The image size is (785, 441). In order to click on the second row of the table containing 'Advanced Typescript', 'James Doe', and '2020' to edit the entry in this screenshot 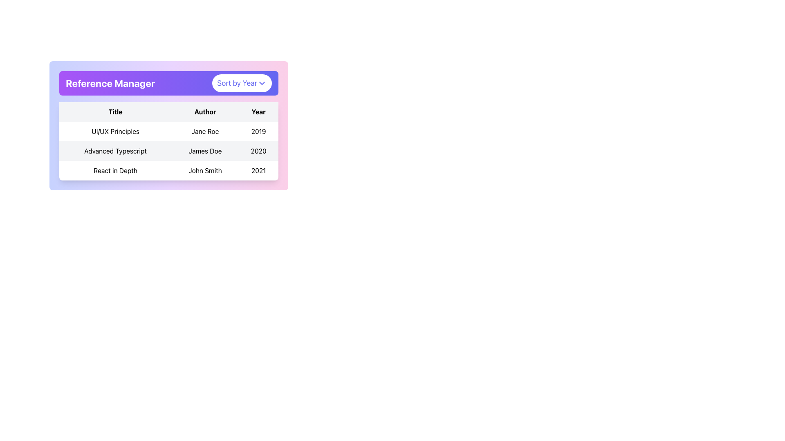, I will do `click(168, 151)`.